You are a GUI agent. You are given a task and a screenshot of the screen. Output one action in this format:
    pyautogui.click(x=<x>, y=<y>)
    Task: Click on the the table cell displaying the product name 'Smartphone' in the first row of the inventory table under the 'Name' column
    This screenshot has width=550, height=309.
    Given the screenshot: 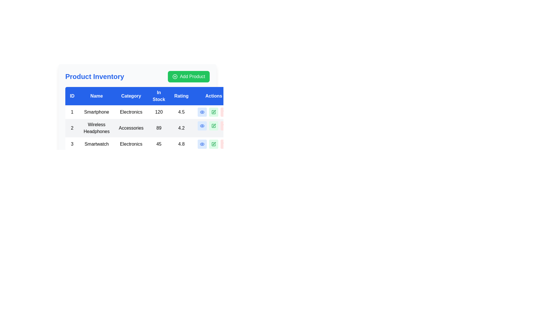 What is the action you would take?
    pyautogui.click(x=97, y=112)
    